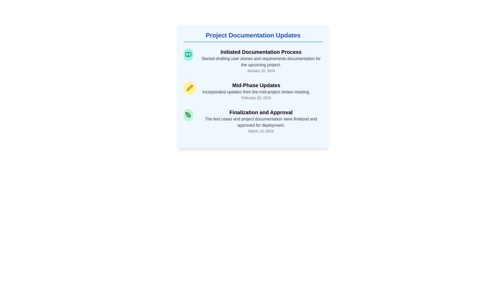 The width and height of the screenshot is (500, 281). I want to click on the Text label displaying the date 'January 10, 2024', which is located below the description text in the 'Initiated Documentation Process' section, so click(261, 71).